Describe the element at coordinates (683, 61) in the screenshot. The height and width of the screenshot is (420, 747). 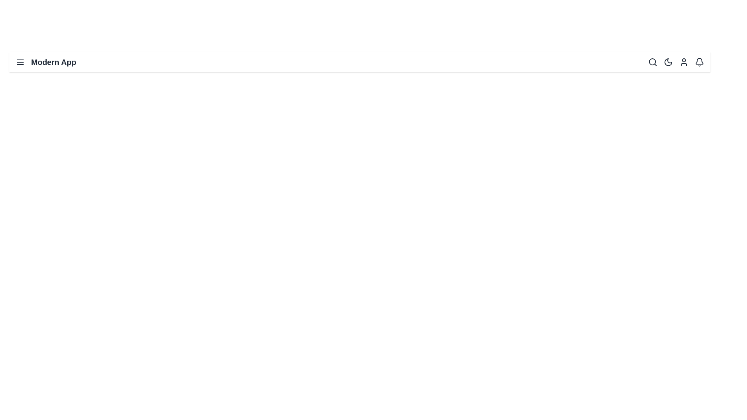
I see `the user profile icon to interact with the user profile` at that location.